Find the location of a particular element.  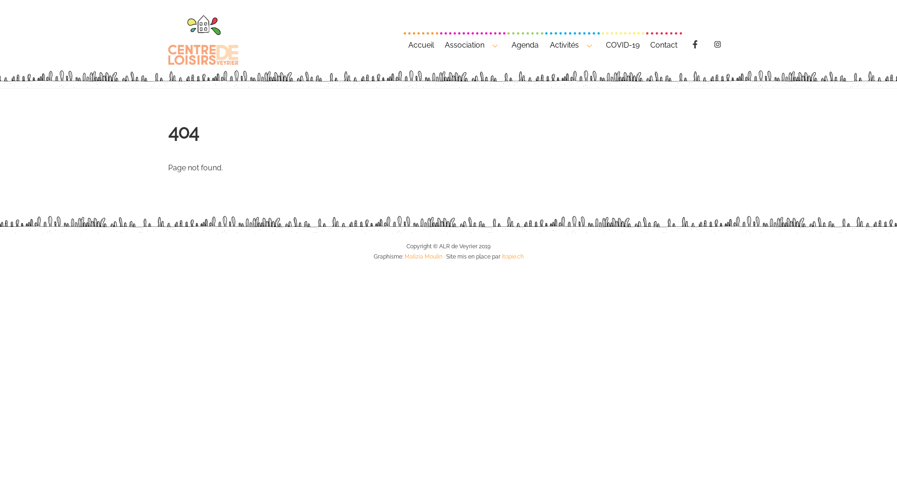

'Malizia Moulin' is located at coordinates (423, 256).